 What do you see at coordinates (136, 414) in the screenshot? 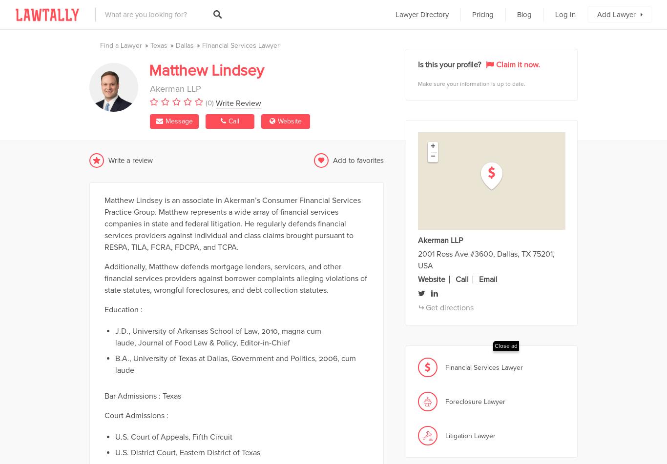
I see `'Court Admissions :'` at bounding box center [136, 414].